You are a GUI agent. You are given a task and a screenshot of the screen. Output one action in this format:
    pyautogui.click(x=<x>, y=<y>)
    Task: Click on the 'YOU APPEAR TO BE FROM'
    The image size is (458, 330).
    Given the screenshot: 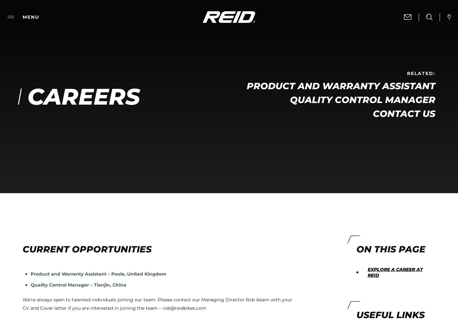 What is the action you would take?
    pyautogui.click(x=198, y=312)
    